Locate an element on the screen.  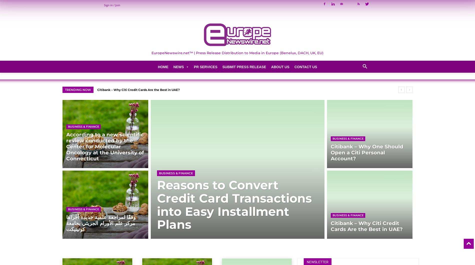
'Oil & Energy' is located at coordinates (181, 156).